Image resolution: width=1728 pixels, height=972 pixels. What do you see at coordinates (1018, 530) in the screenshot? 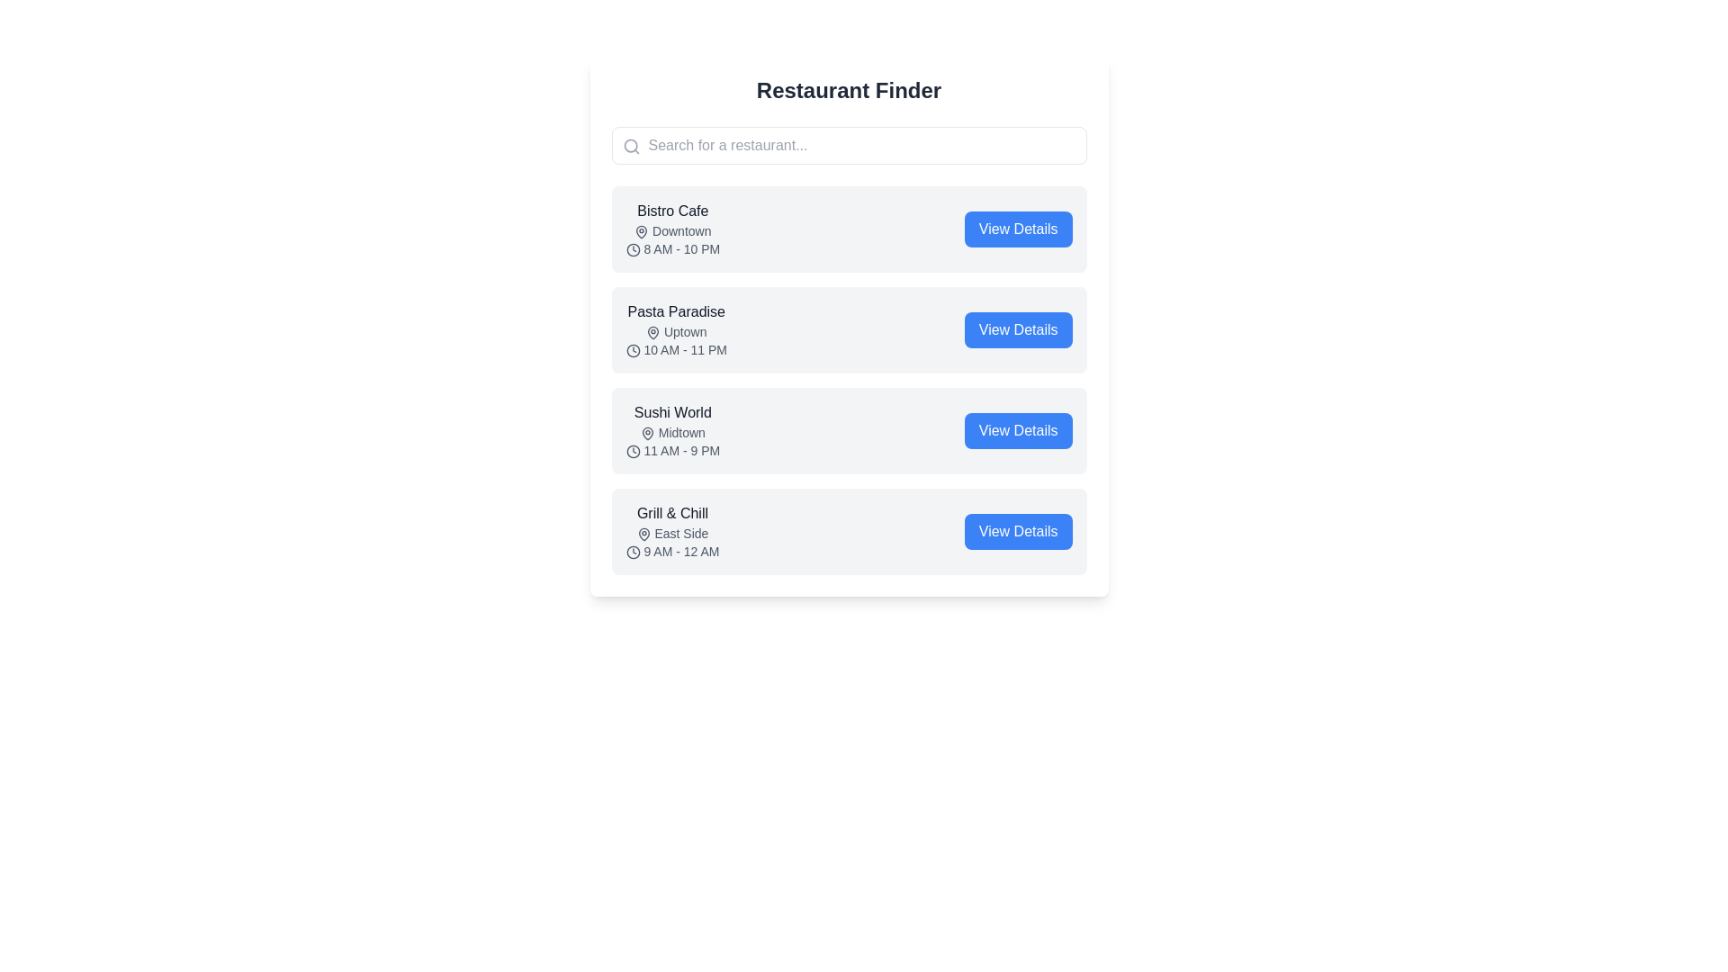
I see `the button located in the last listing of restaurant entries` at bounding box center [1018, 530].